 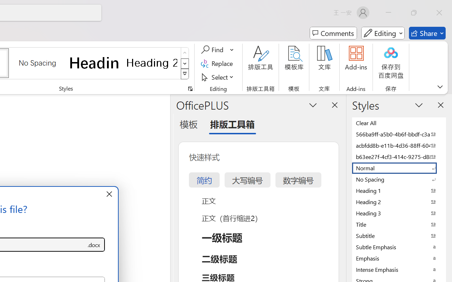 What do you see at coordinates (399, 258) in the screenshot?
I see `'Emphasis'` at bounding box center [399, 258].